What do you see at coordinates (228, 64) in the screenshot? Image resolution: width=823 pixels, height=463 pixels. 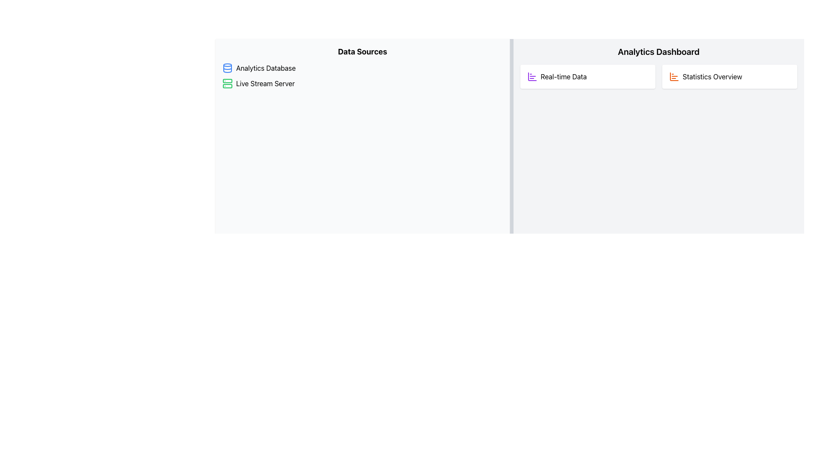 I see `the SVG ellipse component that visually represents the top of the database icon next to the 'Analytics Database' label in the 'Data Sources' section` at bounding box center [228, 64].